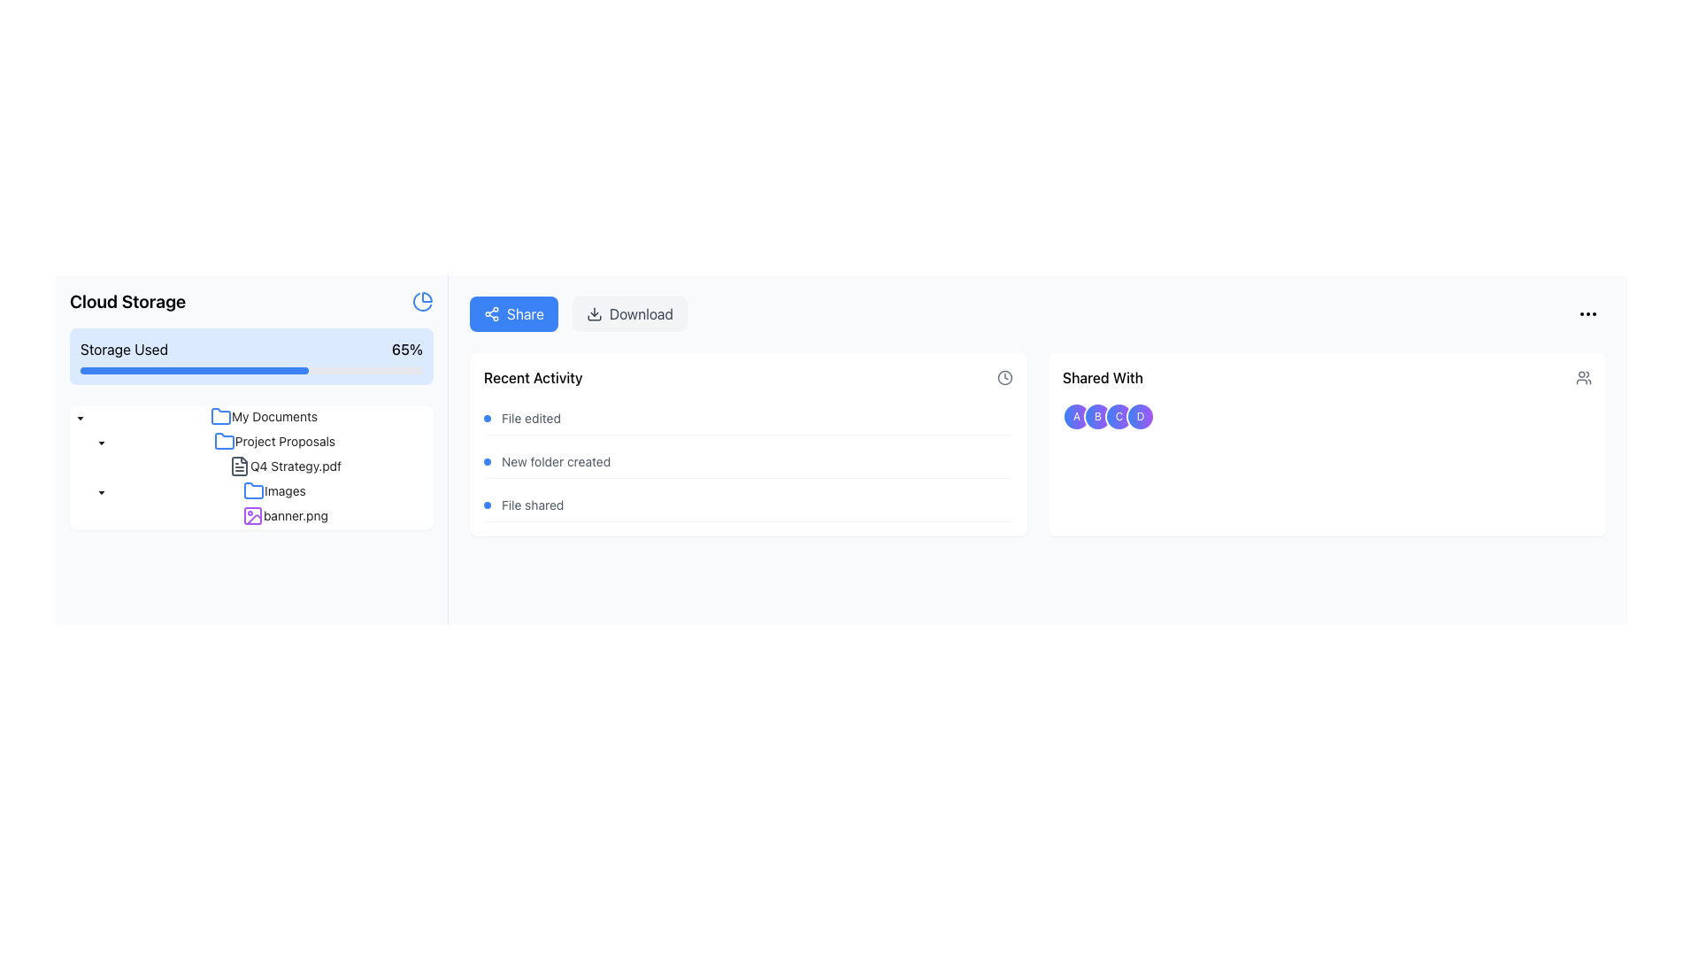  Describe the element at coordinates (263, 416) in the screenshot. I see `the tree view item representing the first folder in the 'Cloud Storage' section` at that location.